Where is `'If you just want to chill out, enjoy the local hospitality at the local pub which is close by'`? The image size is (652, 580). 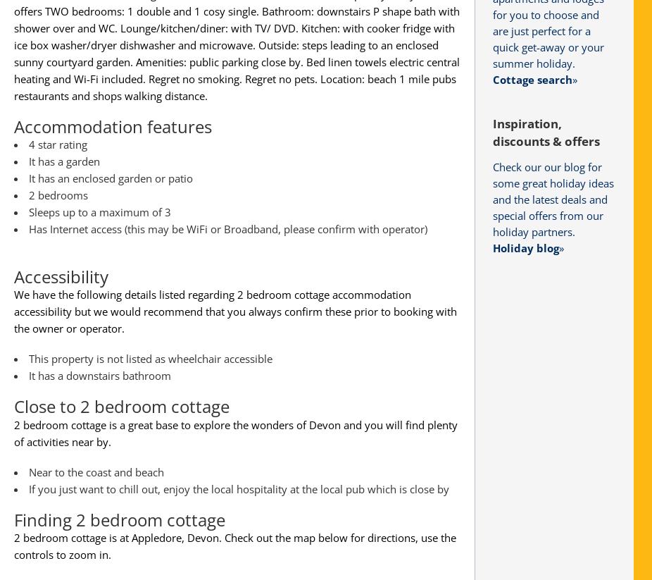 'If you just want to chill out, enjoy the local hospitality at the local pub which is close by' is located at coordinates (28, 487).